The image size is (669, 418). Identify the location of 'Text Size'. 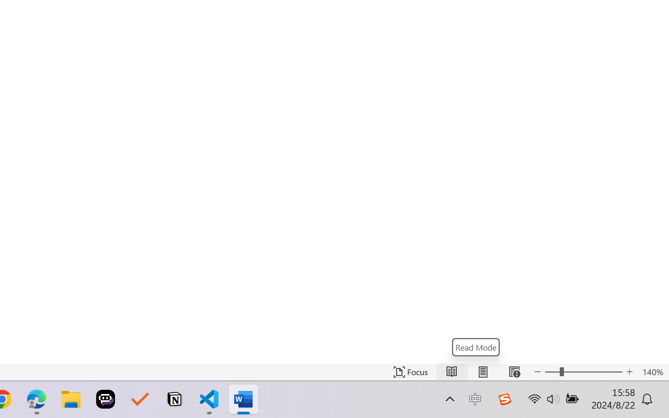
(583, 371).